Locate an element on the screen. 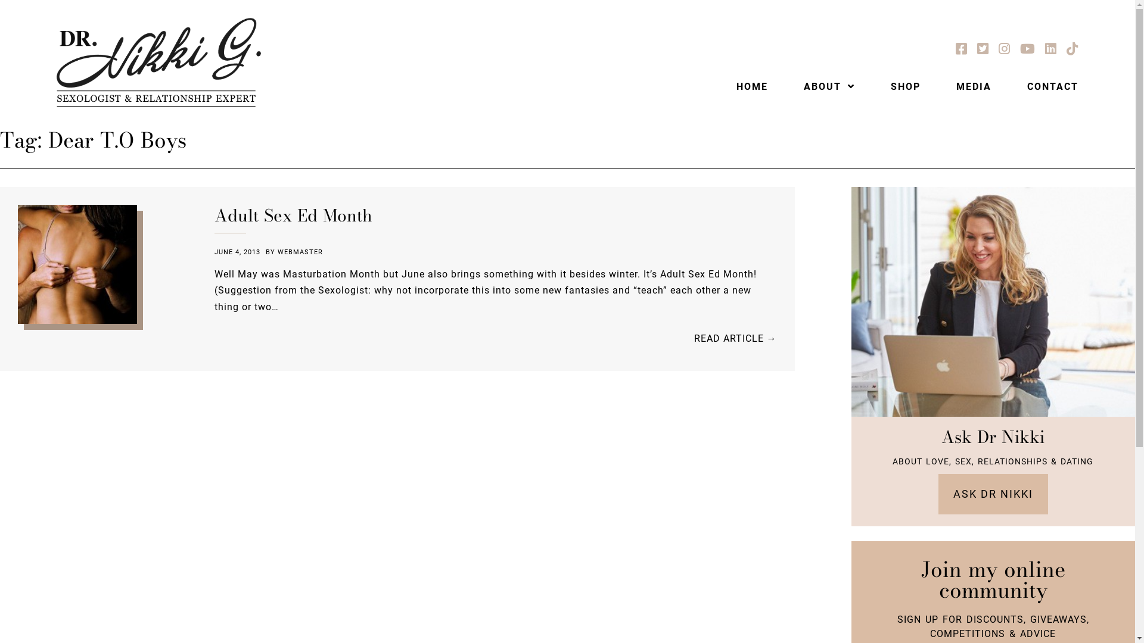 The image size is (1144, 643). 'ASK DR NIKKI' is located at coordinates (993, 494).